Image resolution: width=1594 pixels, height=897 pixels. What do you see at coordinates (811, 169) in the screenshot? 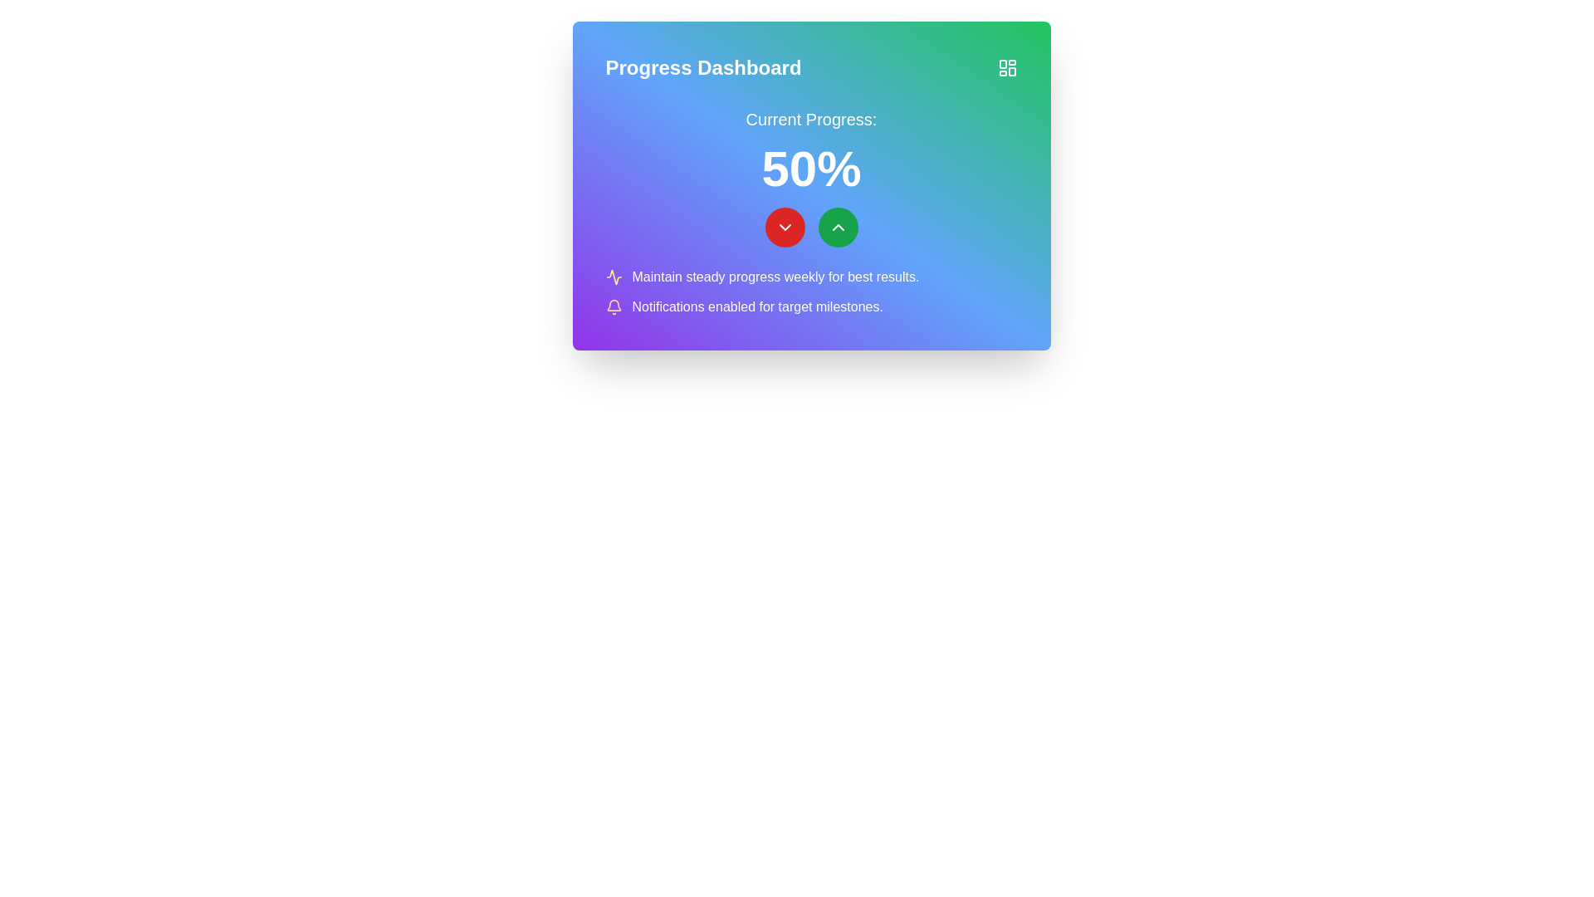
I see `the prominent text label displaying '50%' in bold, extra-large font within the 'Progress Dashboard' interface` at bounding box center [811, 169].